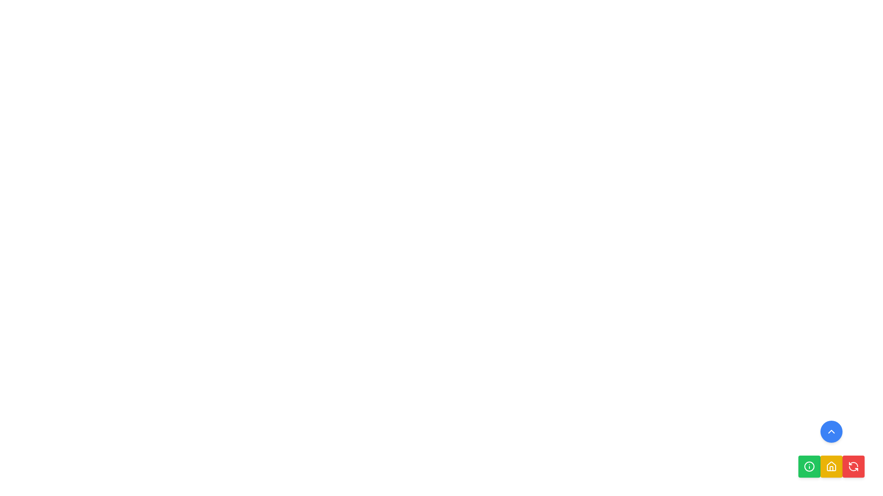  What do you see at coordinates (809, 466) in the screenshot?
I see `the circular informational icon located inside the green button at the bottom right corner of the interface` at bounding box center [809, 466].